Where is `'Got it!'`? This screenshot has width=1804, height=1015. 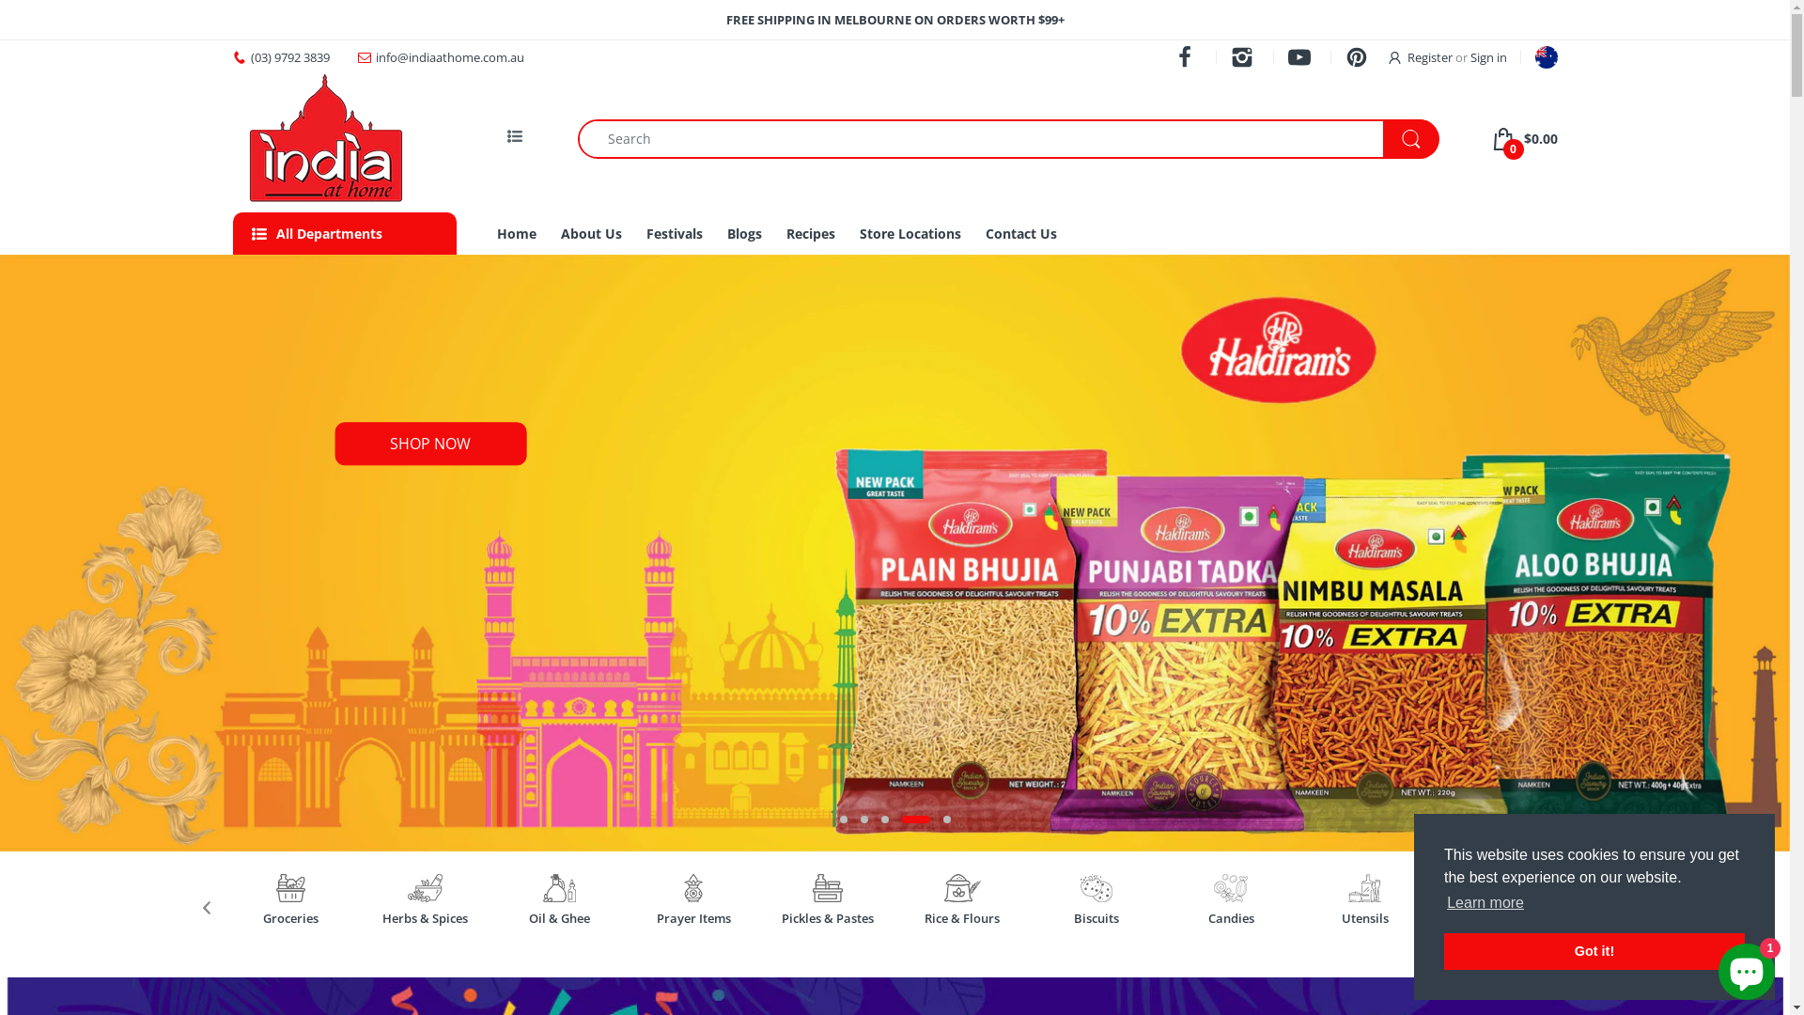 'Got it!' is located at coordinates (1594, 950).